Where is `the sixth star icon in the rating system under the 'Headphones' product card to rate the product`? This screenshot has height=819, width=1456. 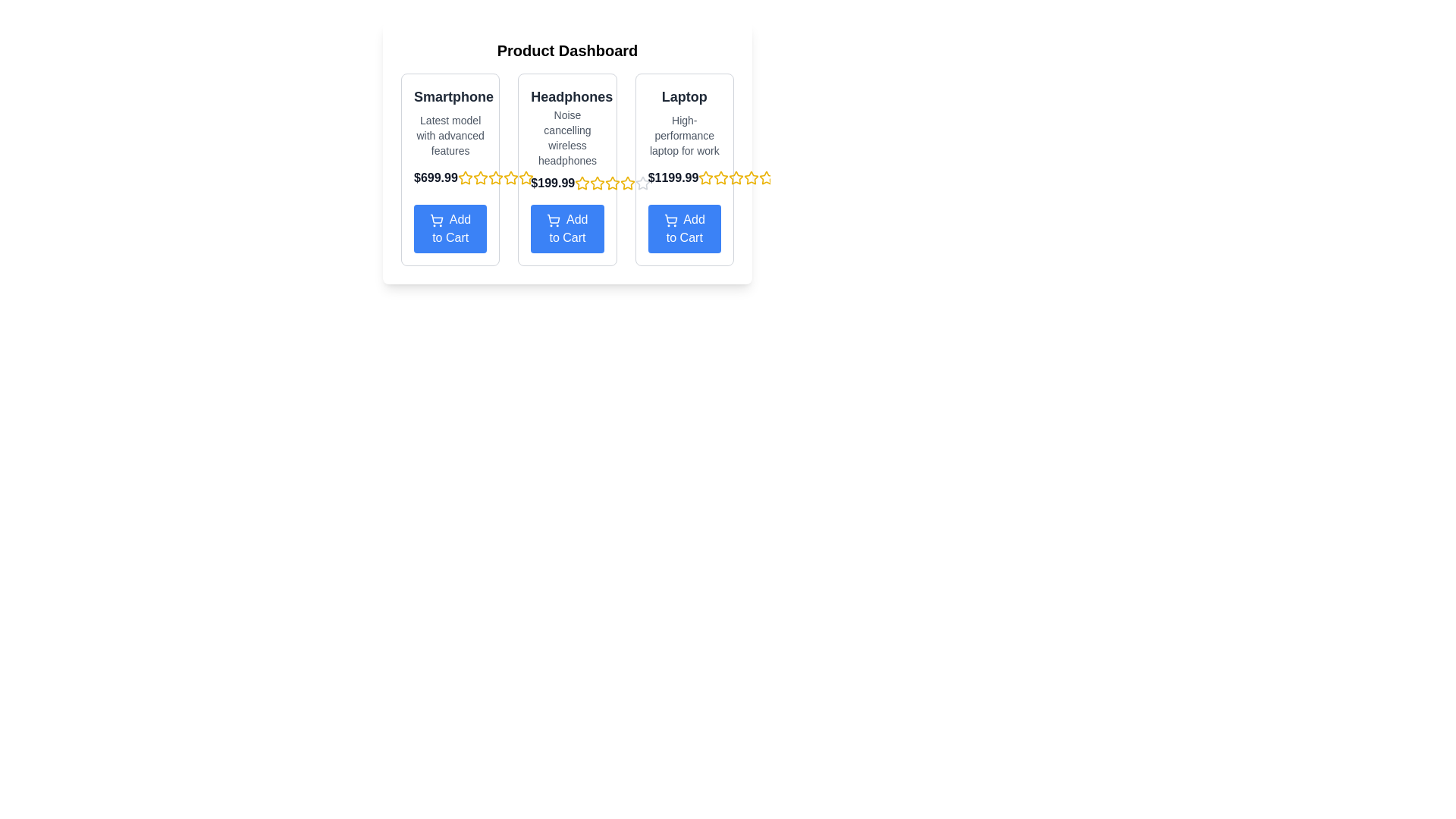
the sixth star icon in the rating system under the 'Headphones' product card to rate the product is located at coordinates (597, 182).